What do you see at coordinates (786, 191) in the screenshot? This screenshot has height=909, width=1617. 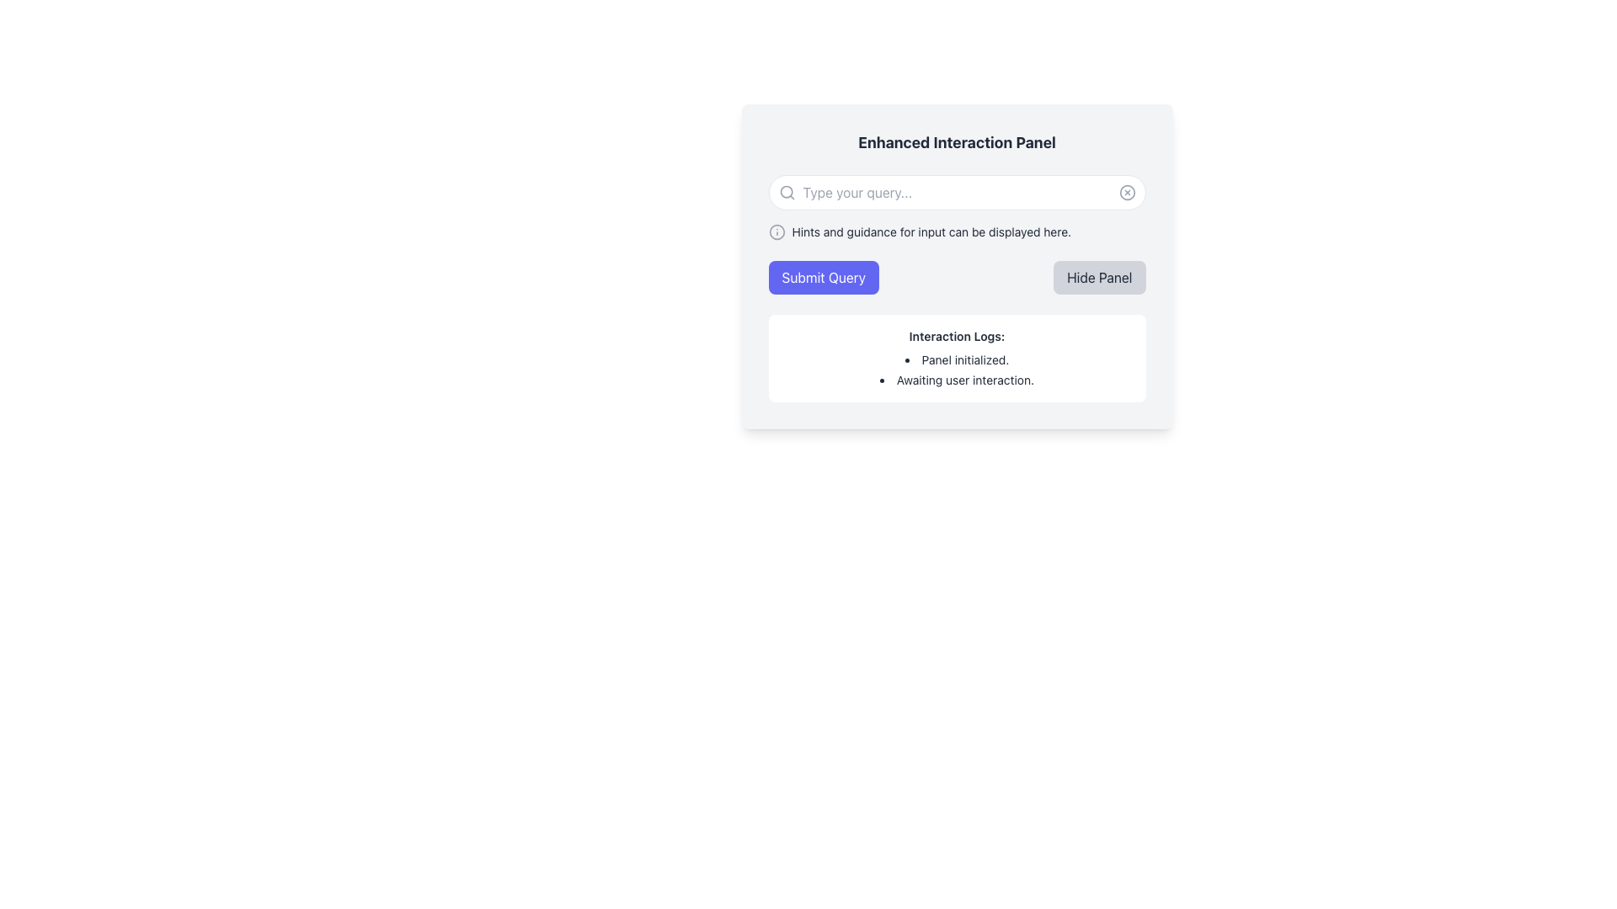 I see `the Search Icon, which is a gray magnifying glass icon located inside the search input field, aligned vertically in the middle` at bounding box center [786, 191].